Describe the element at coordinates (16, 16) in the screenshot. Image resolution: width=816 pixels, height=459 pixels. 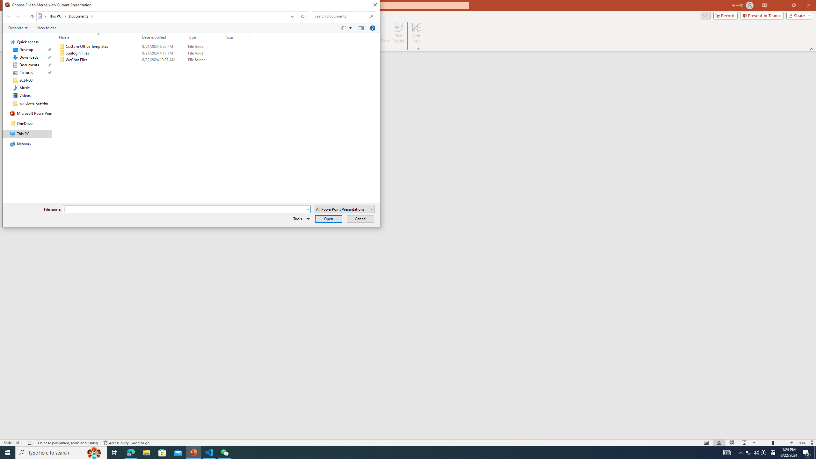
I see `'Navigation buttons'` at that location.